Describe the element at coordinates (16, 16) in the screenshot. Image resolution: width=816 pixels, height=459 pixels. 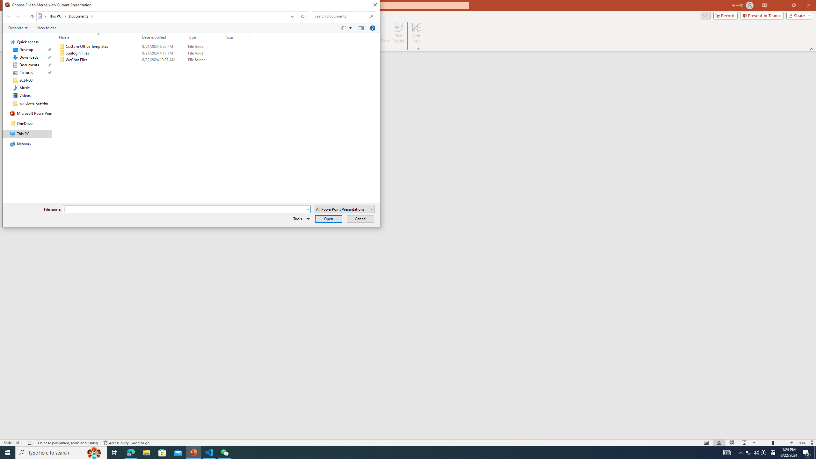
I see `'Navigation buttons'` at that location.